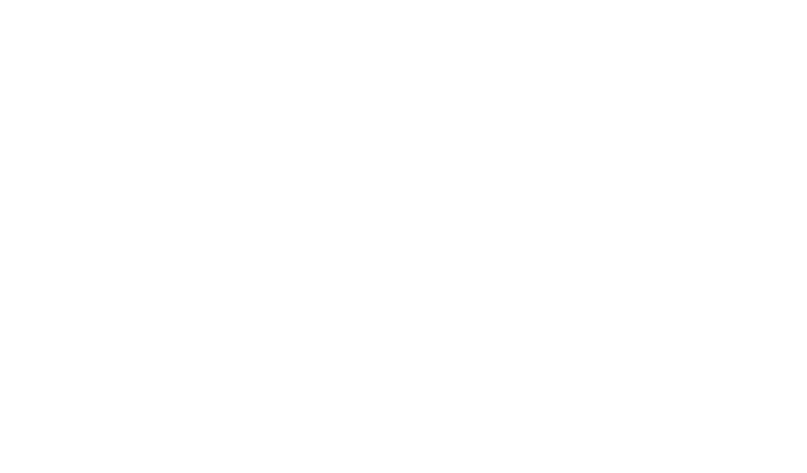  Describe the element at coordinates (322, 282) in the screenshot. I see `'Innovation'` at that location.